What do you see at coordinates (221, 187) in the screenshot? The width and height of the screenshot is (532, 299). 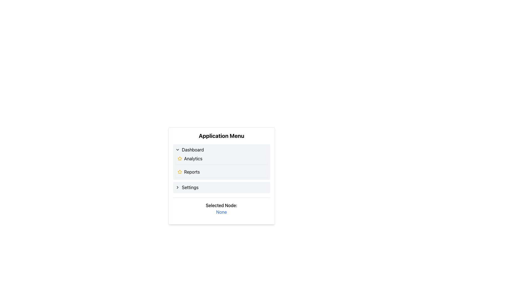 I see `the bottom navigation button in the application menu to trigger its hover effect` at bounding box center [221, 187].